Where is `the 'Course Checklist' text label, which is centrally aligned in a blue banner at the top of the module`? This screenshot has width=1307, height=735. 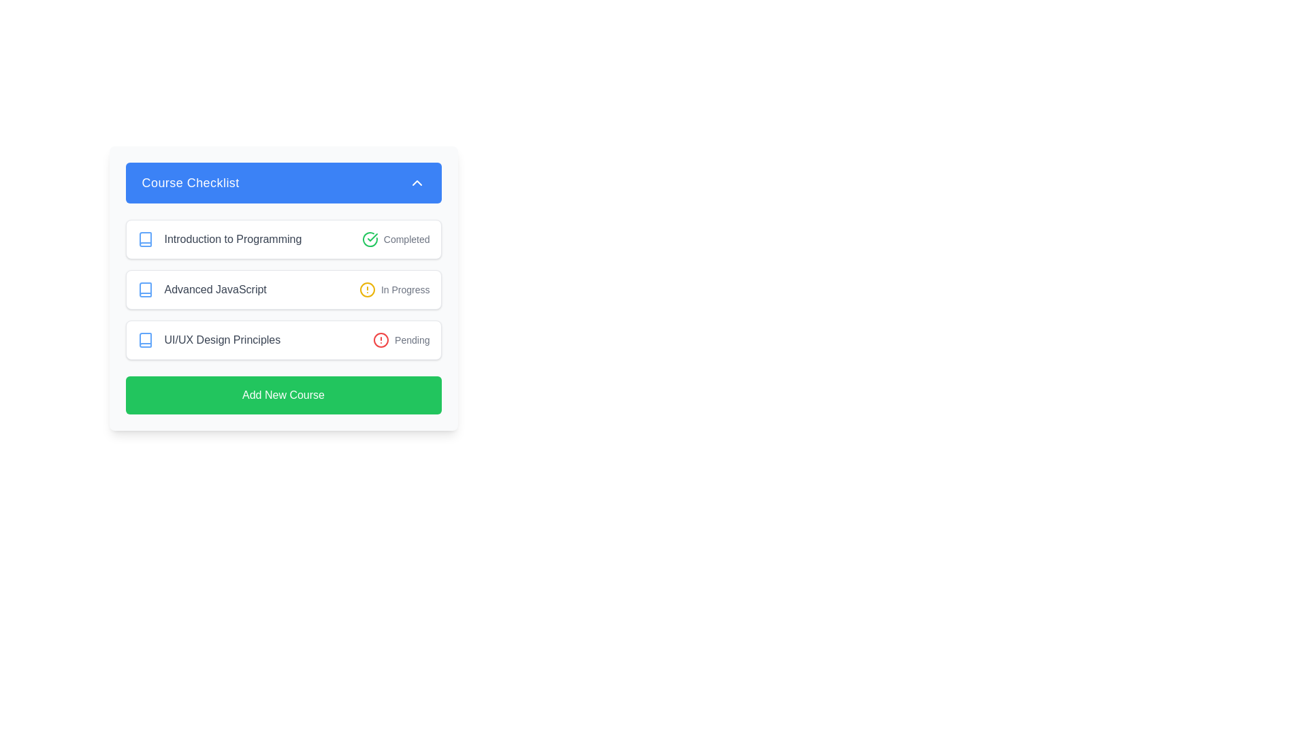
the 'Course Checklist' text label, which is centrally aligned in a blue banner at the top of the module is located at coordinates (190, 182).